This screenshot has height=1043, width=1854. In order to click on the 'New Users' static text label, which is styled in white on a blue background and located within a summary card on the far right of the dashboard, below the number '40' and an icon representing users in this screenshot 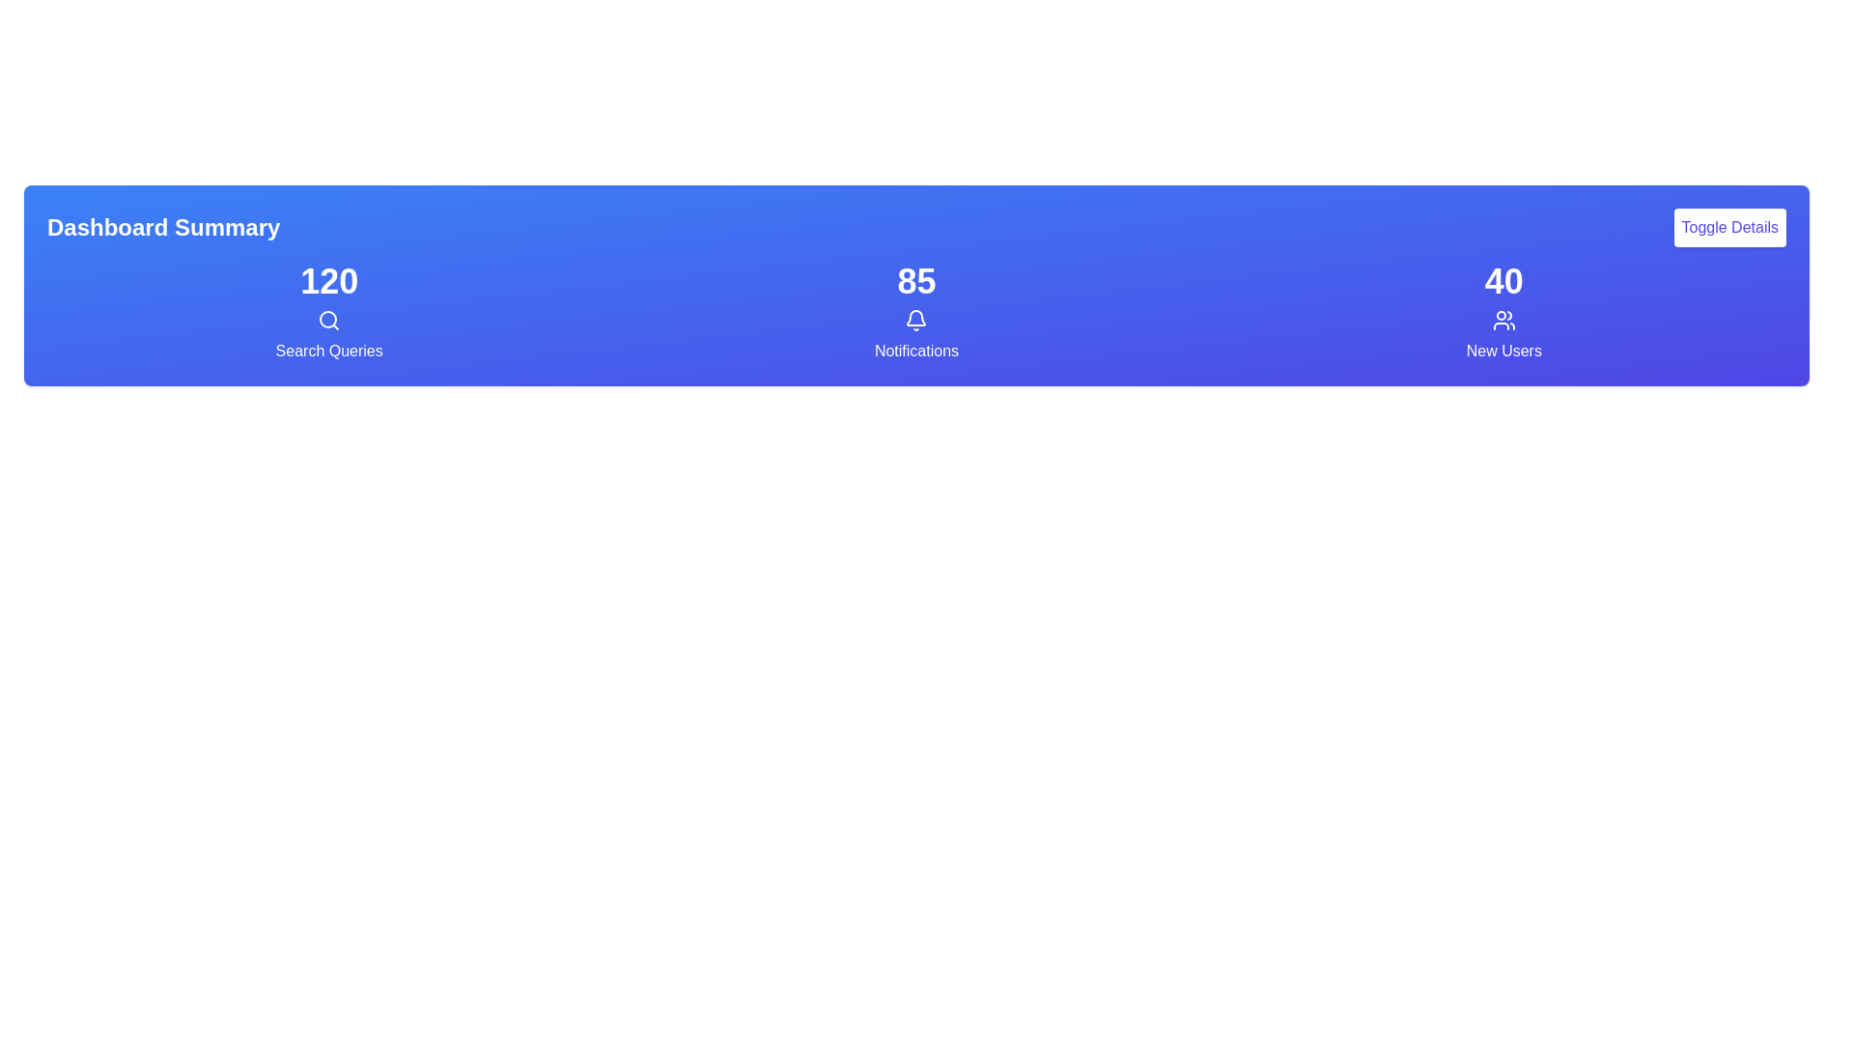, I will do `click(1503, 351)`.